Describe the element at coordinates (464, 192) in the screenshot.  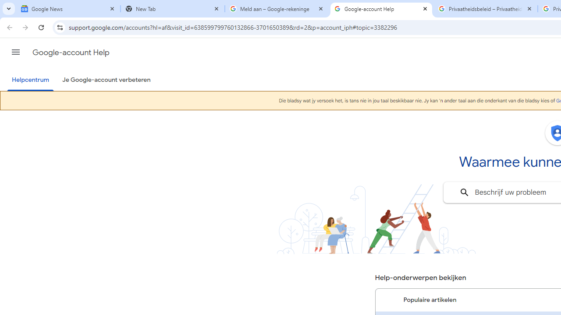
I see `'Zoeken'` at that location.